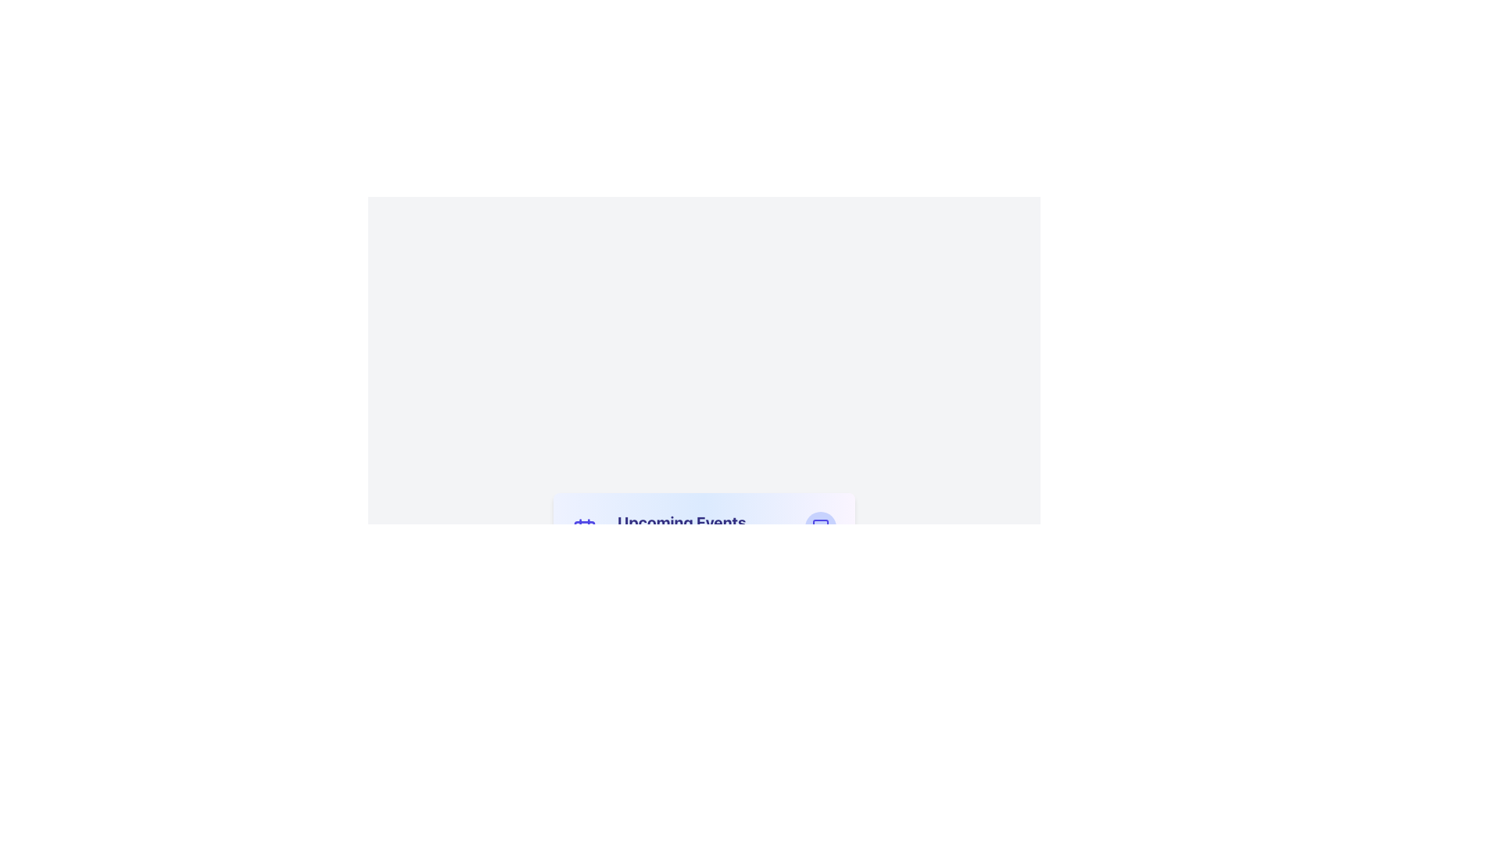  Describe the element at coordinates (682, 529) in the screenshot. I see `text from the Section Header titled 'Upcoming Events' with the subtitle 'Track your events effectively', which serves as a header for the events section` at that location.